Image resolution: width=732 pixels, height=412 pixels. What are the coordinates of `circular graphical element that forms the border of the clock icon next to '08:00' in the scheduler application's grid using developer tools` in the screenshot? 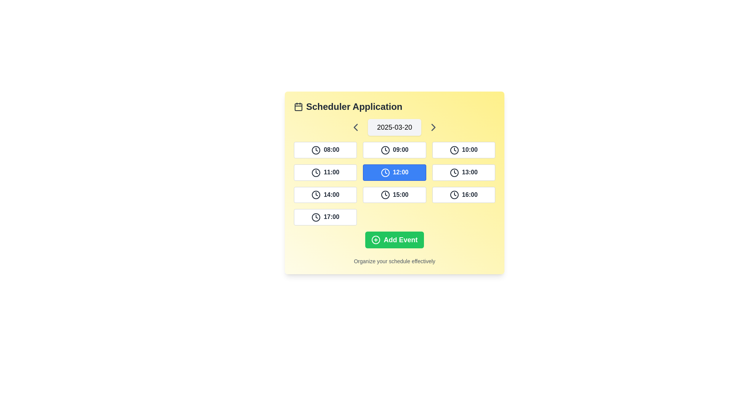 It's located at (316, 150).